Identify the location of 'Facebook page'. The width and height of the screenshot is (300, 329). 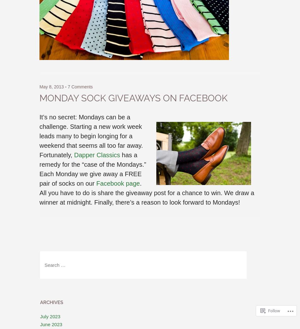
(96, 183).